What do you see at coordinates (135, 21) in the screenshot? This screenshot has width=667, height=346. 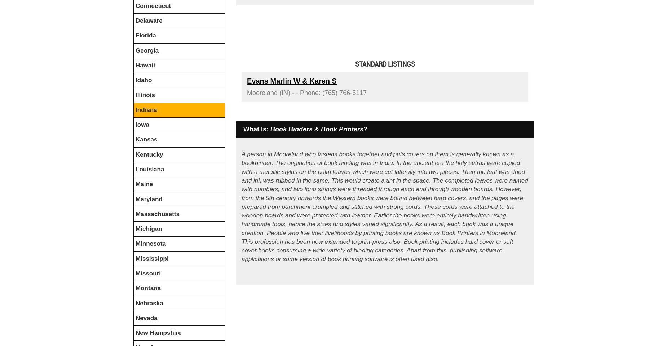 I see `'Delaware'` at bounding box center [135, 21].